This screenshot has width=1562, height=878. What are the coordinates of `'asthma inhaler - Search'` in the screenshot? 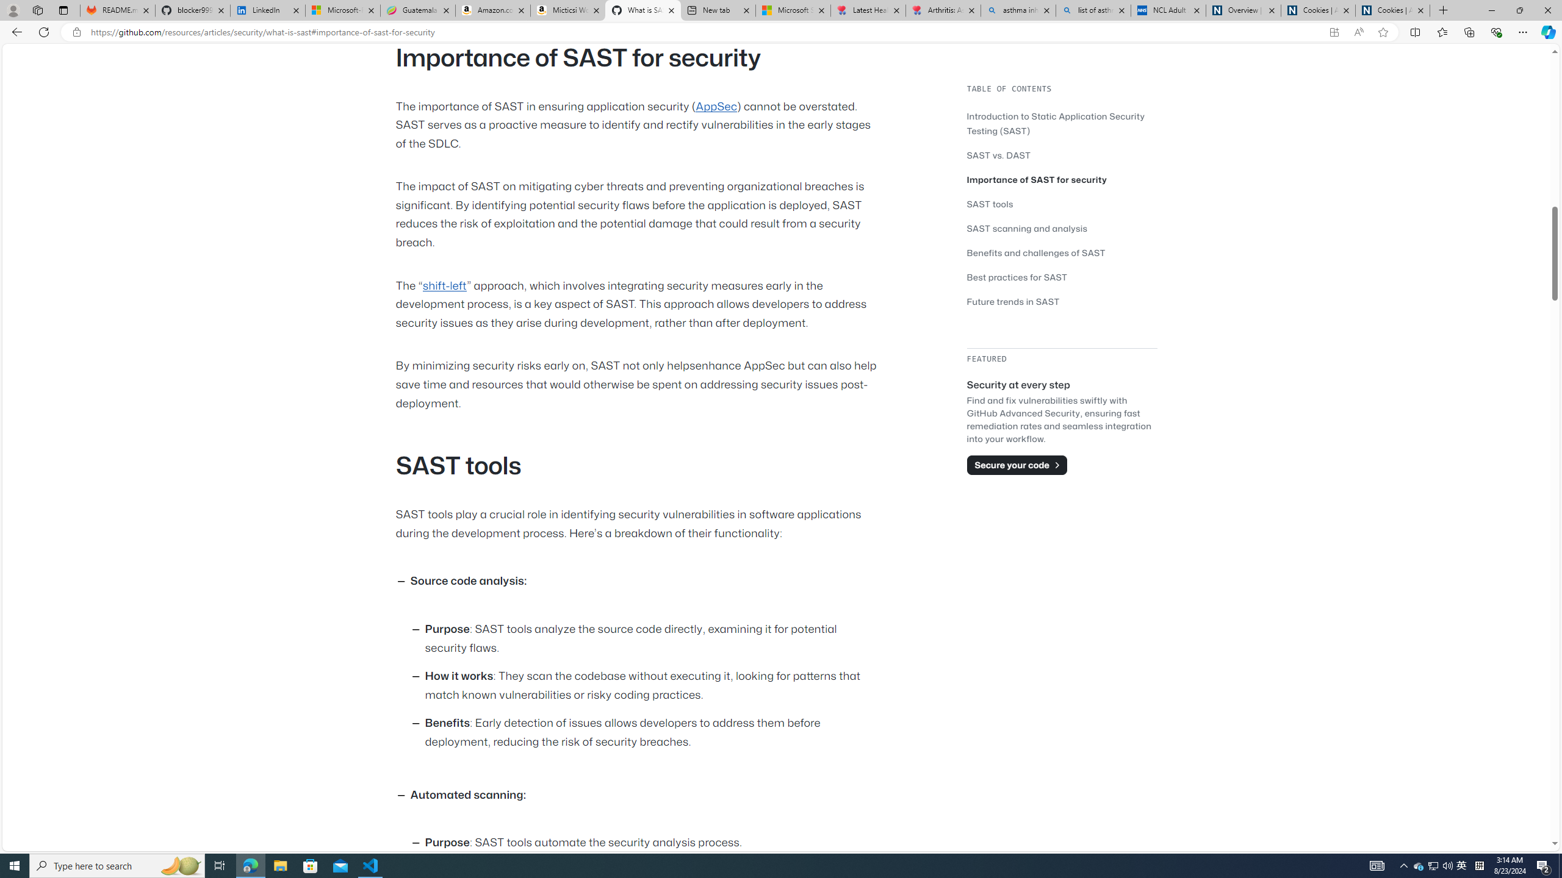 It's located at (1018, 10).